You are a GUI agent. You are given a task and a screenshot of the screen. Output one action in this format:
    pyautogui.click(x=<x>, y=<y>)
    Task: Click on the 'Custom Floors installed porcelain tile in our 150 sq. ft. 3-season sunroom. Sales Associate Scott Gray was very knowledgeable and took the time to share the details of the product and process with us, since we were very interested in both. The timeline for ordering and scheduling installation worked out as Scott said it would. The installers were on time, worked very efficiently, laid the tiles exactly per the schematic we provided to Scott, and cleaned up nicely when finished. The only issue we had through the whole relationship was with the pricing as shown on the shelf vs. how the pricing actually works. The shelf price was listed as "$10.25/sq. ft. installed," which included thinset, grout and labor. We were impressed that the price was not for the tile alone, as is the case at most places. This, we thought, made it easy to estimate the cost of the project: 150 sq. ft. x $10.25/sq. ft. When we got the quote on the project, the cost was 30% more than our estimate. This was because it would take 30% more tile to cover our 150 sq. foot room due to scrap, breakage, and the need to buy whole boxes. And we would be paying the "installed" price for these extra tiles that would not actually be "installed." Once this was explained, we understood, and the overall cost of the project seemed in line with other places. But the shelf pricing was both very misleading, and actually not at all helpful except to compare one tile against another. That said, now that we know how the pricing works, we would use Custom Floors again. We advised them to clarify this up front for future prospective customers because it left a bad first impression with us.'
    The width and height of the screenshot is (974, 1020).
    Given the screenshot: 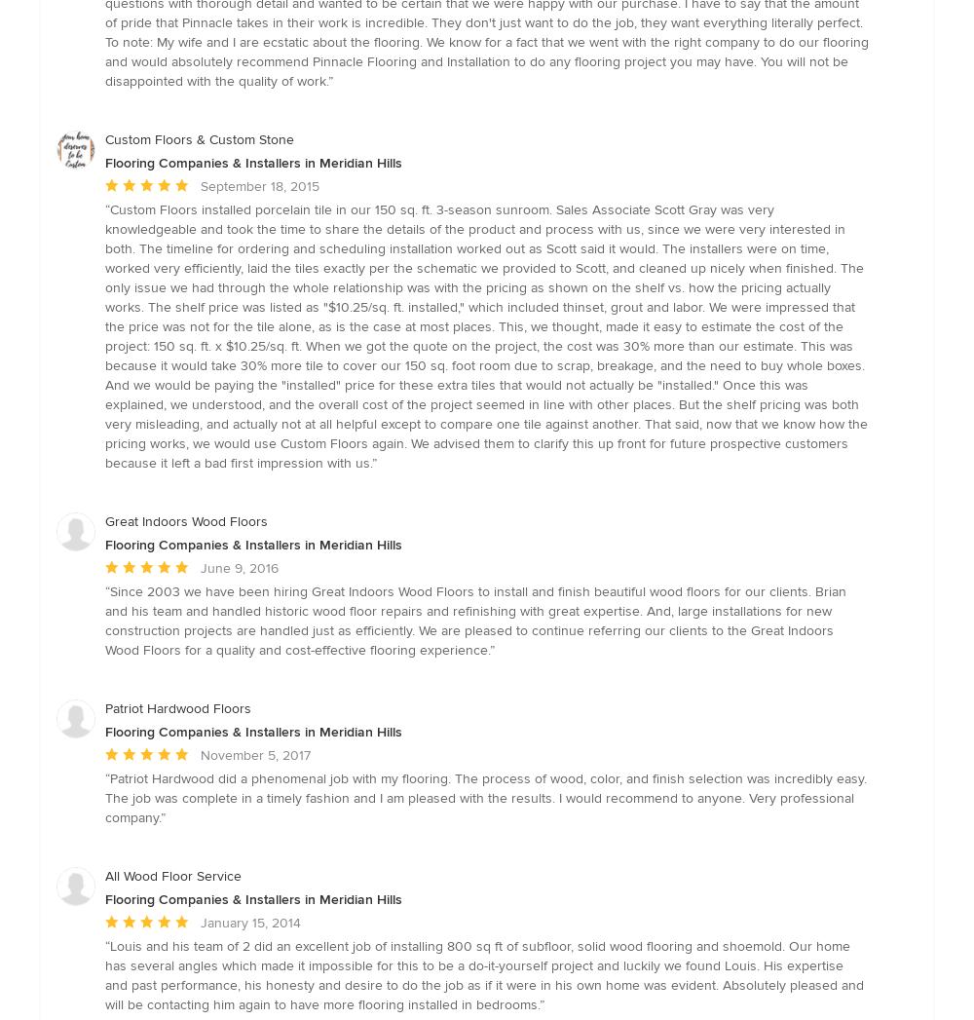 What is the action you would take?
    pyautogui.click(x=485, y=336)
    